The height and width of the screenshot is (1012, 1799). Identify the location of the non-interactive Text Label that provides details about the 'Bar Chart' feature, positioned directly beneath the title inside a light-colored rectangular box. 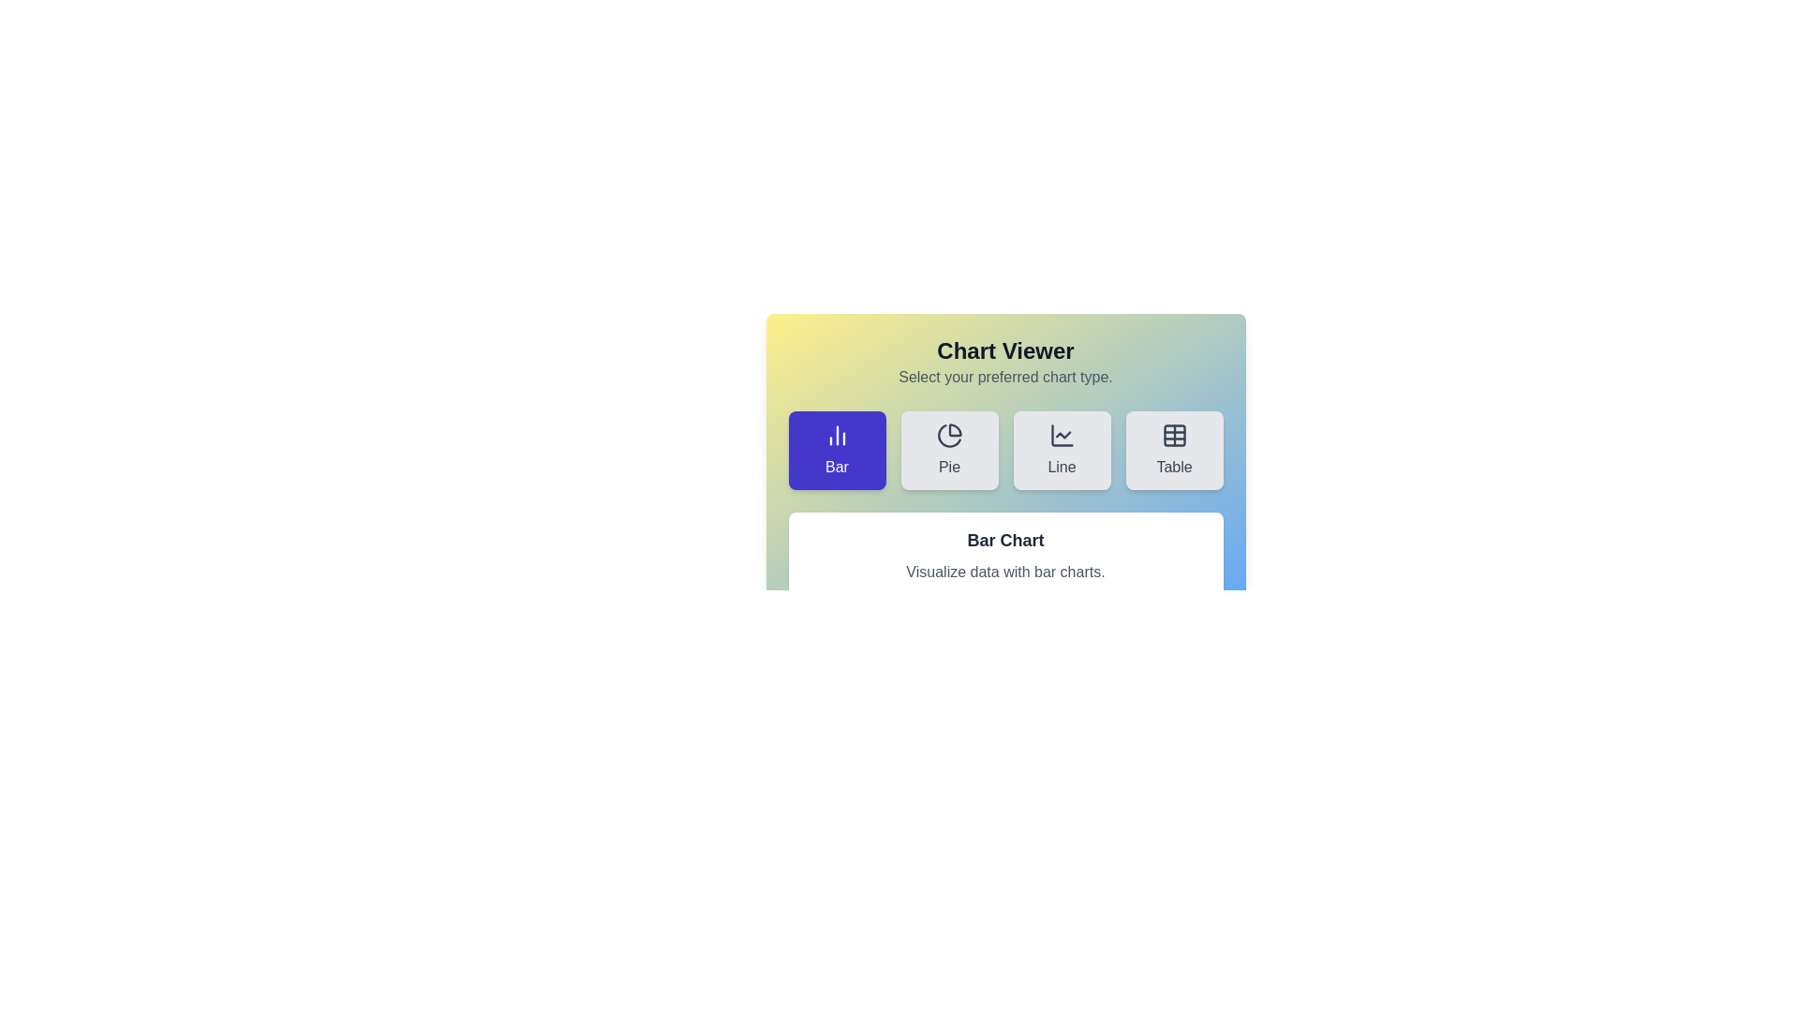
(1004, 571).